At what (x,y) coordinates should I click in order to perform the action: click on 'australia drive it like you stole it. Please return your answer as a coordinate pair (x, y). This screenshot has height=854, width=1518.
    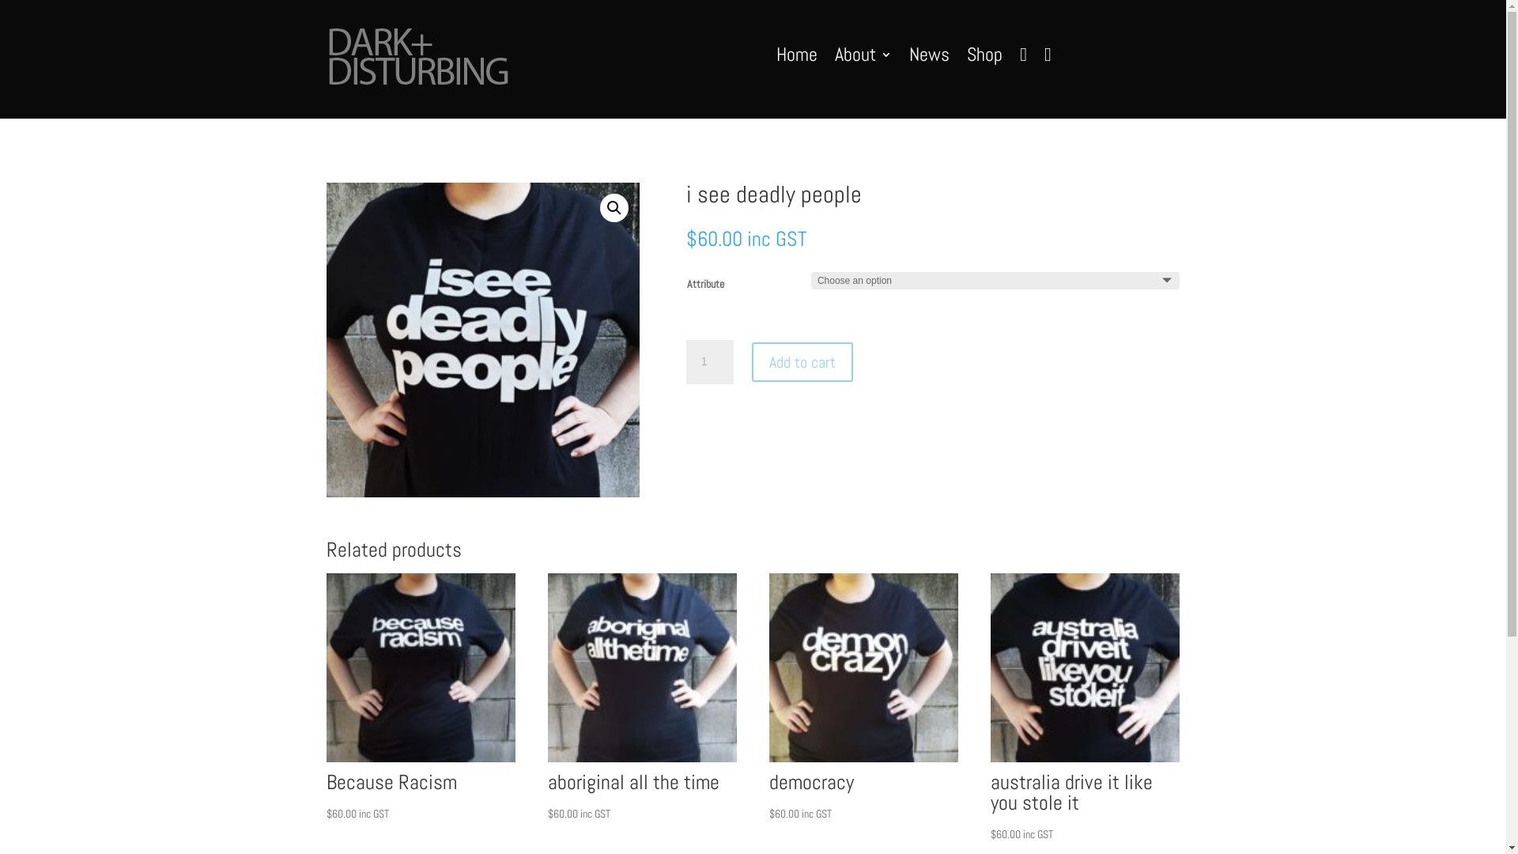
    Looking at the image, I should click on (1084, 708).